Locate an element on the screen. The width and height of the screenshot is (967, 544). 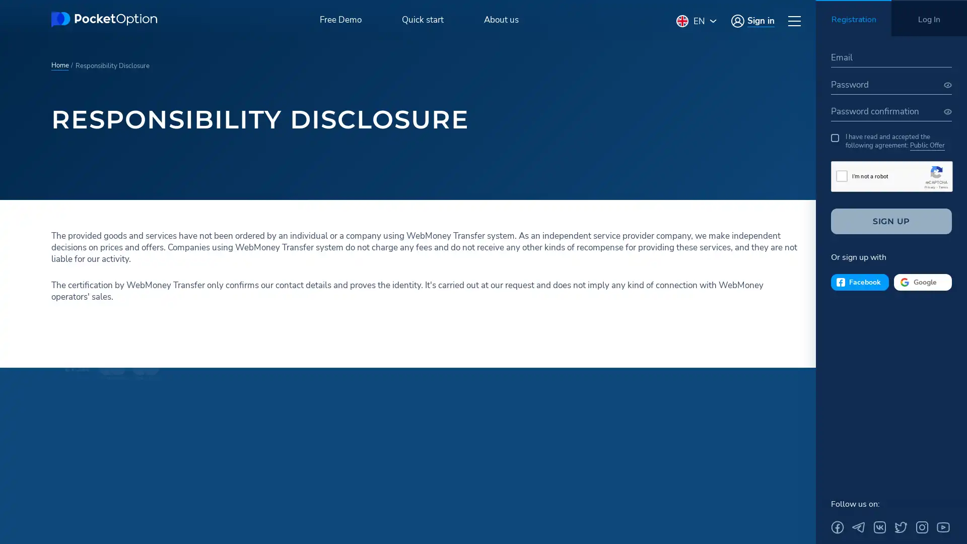
SIGN UP is located at coordinates (891, 221).